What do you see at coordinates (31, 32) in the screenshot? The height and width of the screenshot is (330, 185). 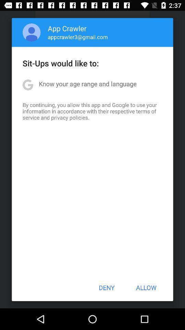 I see `item above the sit ups would app` at bounding box center [31, 32].